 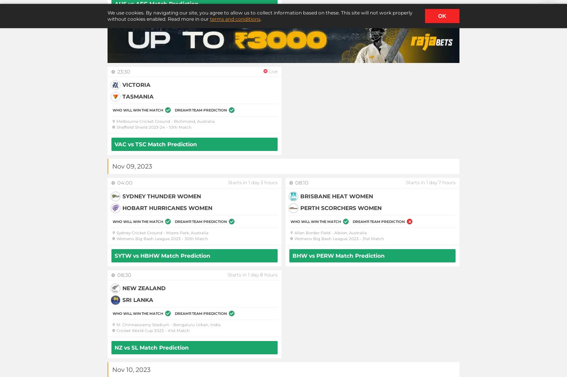 I want to click on '04:00', so click(x=125, y=182).